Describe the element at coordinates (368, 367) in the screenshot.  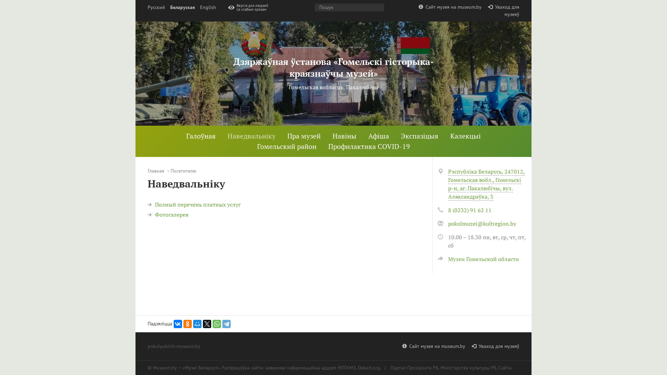
I see `'Dekart.org'` at that location.